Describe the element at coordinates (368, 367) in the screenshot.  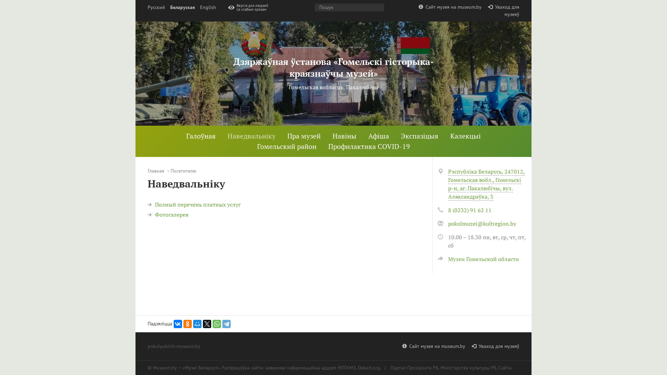
I see `'Dekart.org'` at that location.